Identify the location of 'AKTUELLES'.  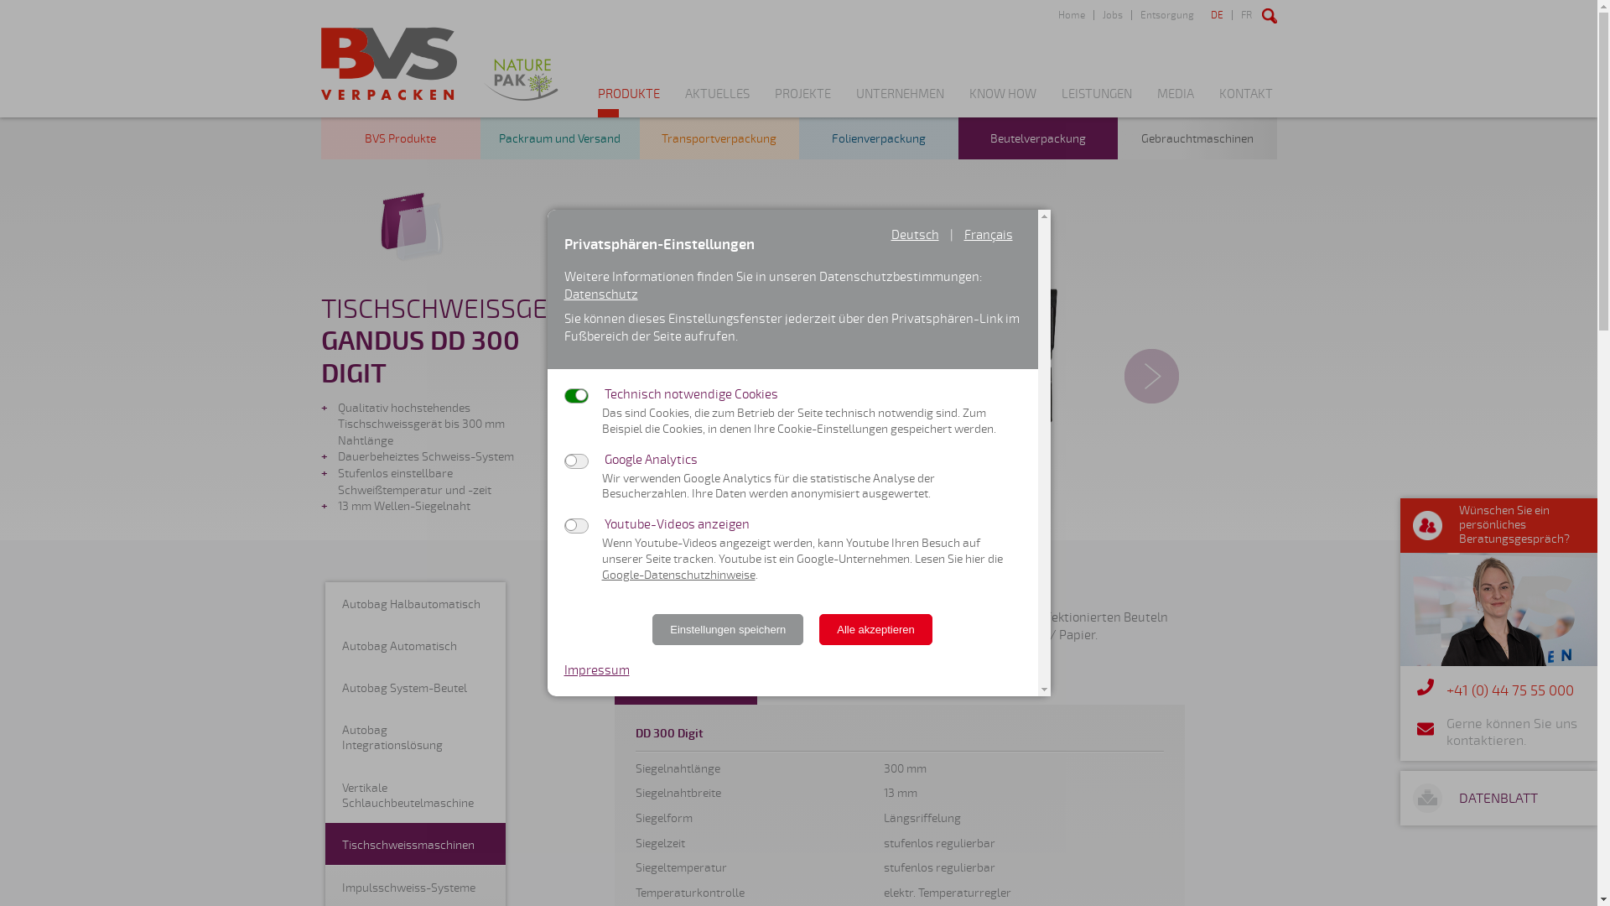
(684, 102).